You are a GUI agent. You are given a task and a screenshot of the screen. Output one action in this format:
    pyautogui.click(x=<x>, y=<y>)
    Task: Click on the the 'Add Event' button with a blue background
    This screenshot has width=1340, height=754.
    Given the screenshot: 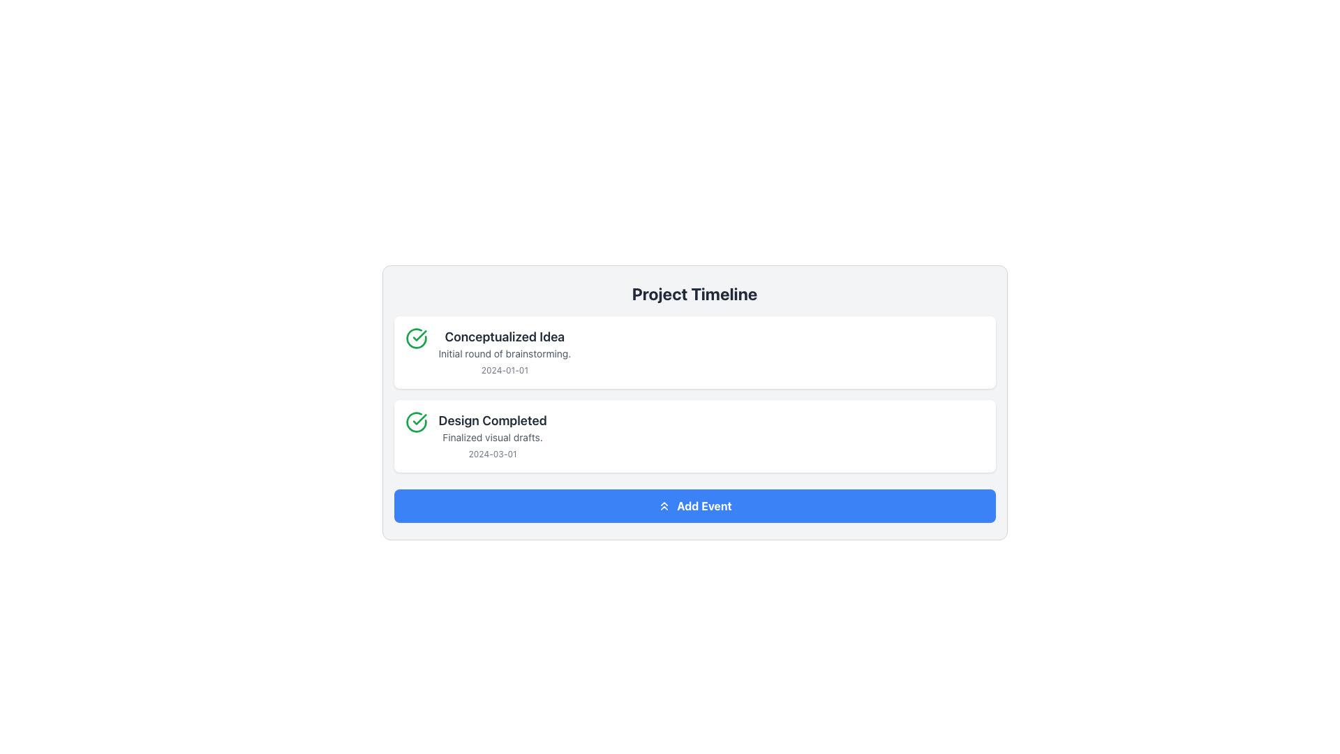 What is the action you would take?
    pyautogui.click(x=694, y=506)
    